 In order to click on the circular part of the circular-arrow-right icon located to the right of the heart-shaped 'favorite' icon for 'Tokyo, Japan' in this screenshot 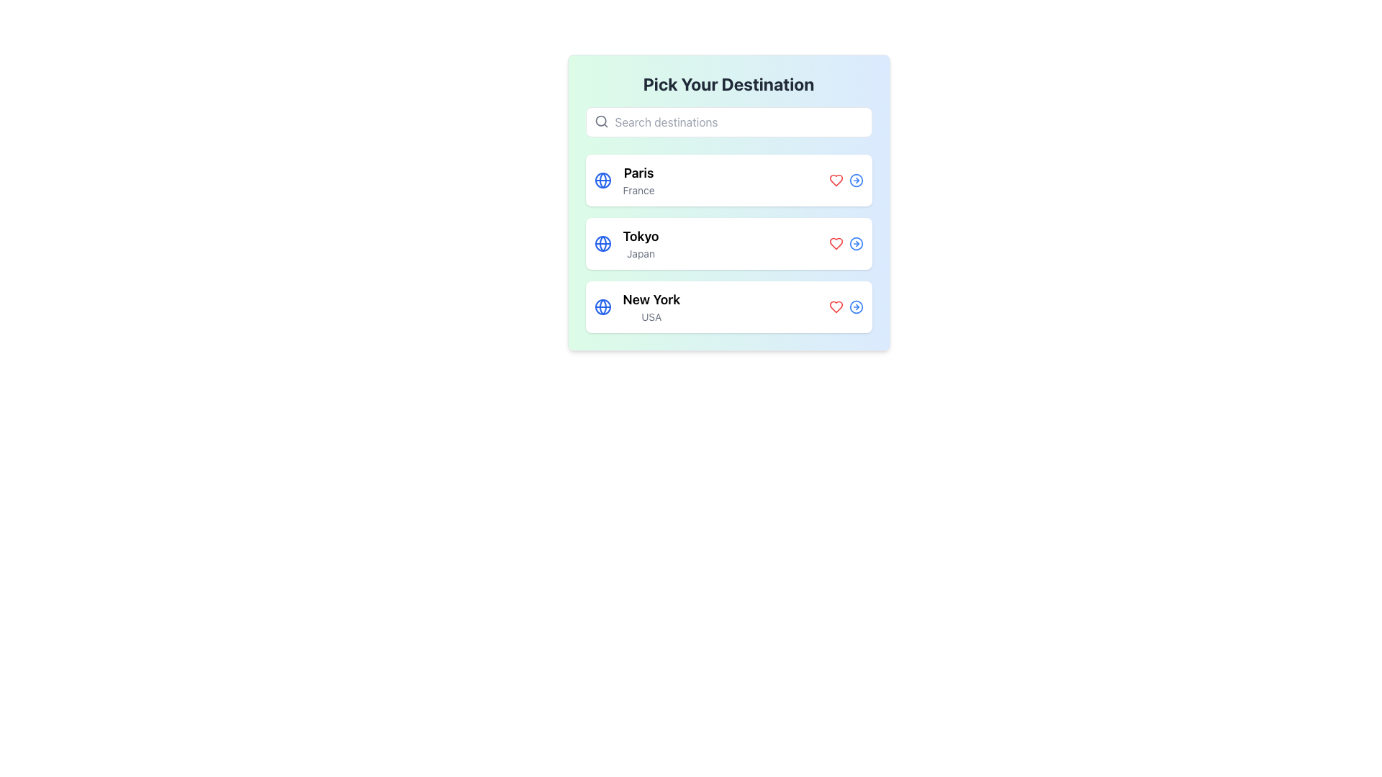, I will do `click(856, 243)`.